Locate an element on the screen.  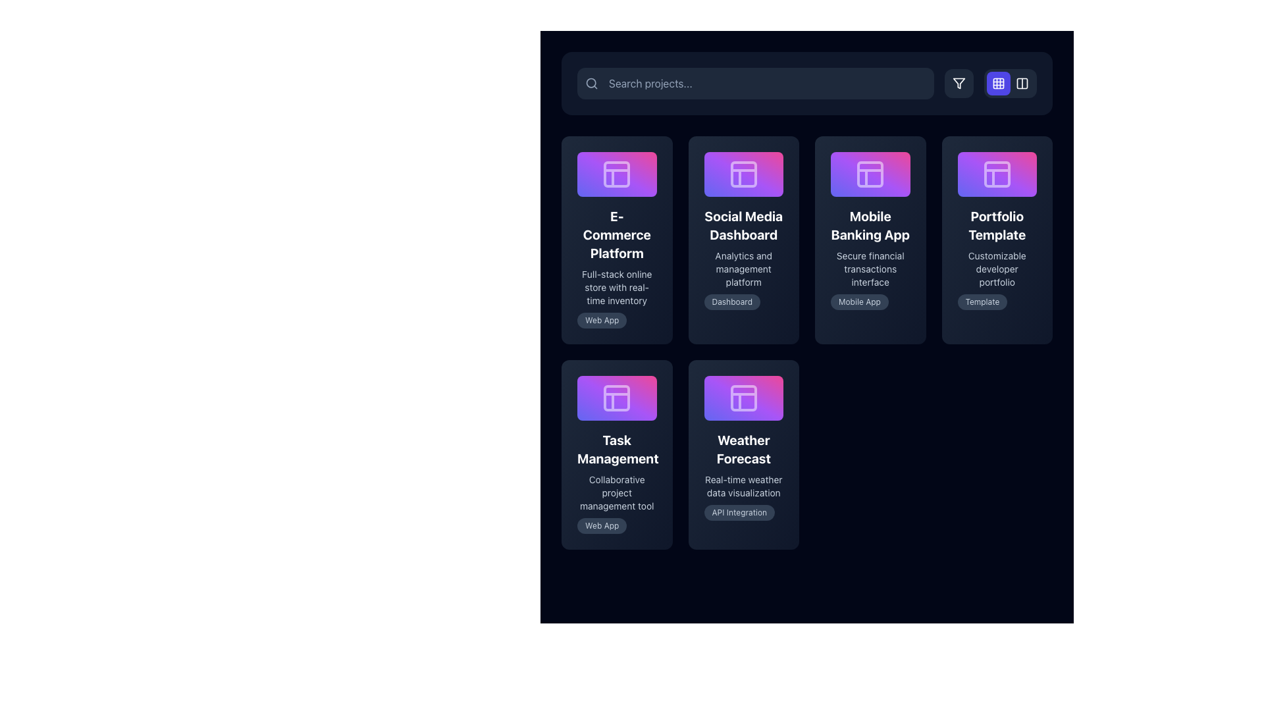
the Icon with decorative background associated with the 'Portfolio Template' card, located in the top right quadrant of the card, directly above the text 'Portfolio Template' is located at coordinates (997, 173).